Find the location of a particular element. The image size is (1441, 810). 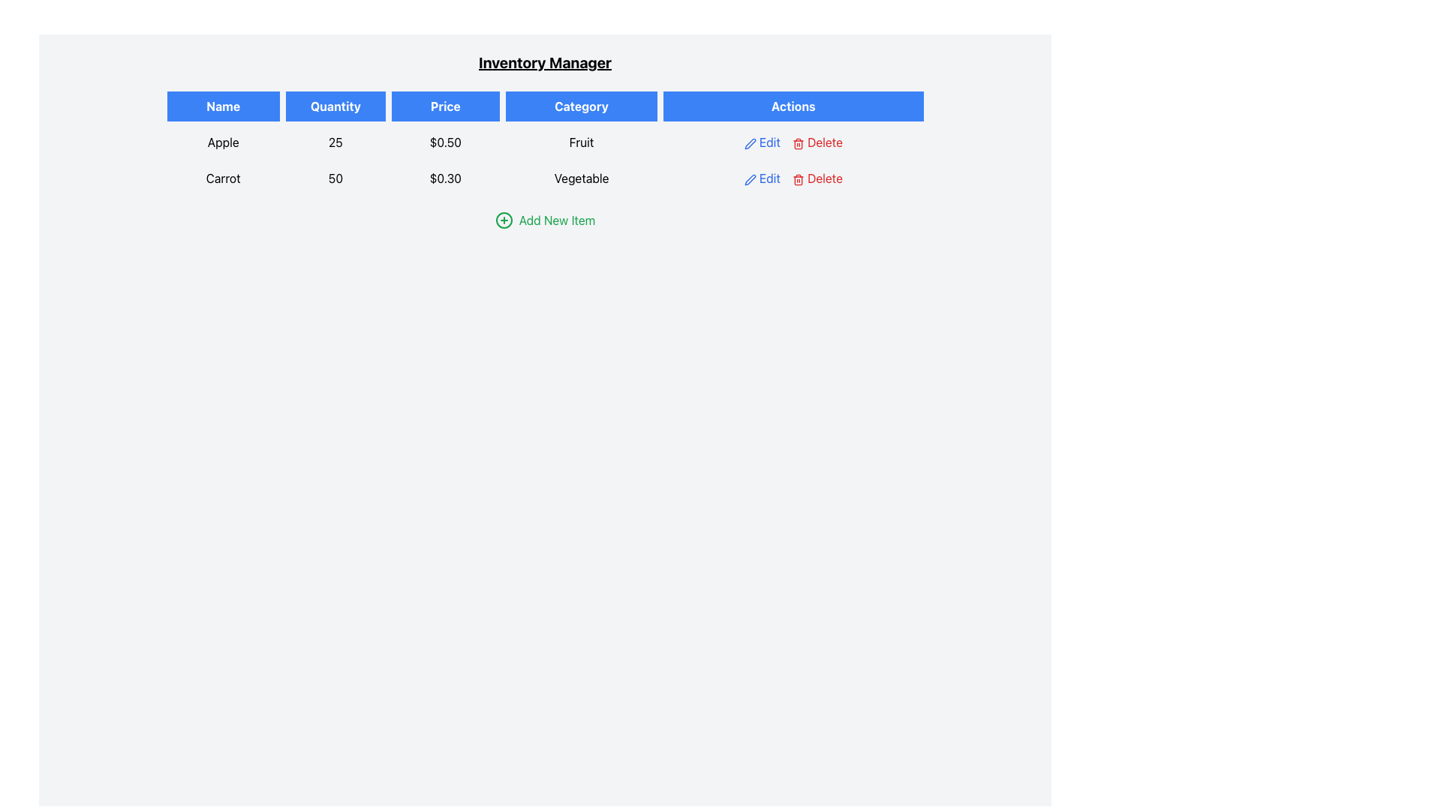

the second row of the inventory table, which provides information about an inventory item and allows user interaction for editing or deleting the item is located at coordinates (544, 178).